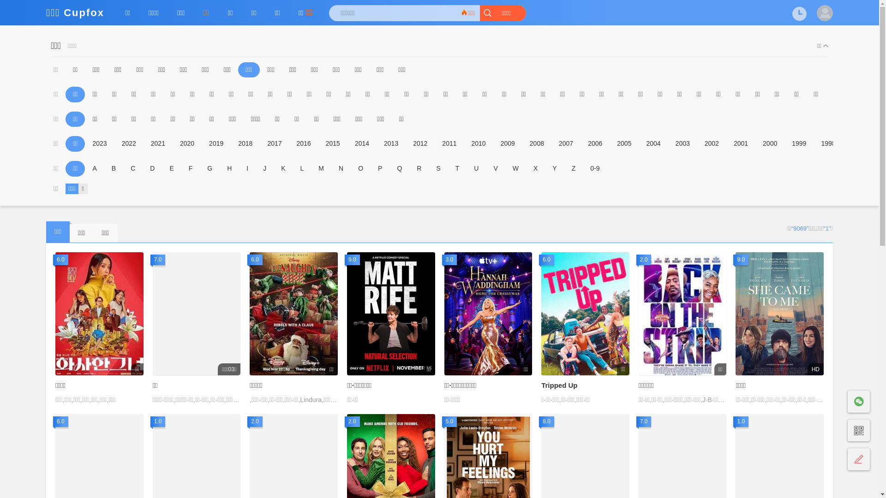 This screenshot has width=886, height=498. I want to click on 'Y', so click(545, 169).